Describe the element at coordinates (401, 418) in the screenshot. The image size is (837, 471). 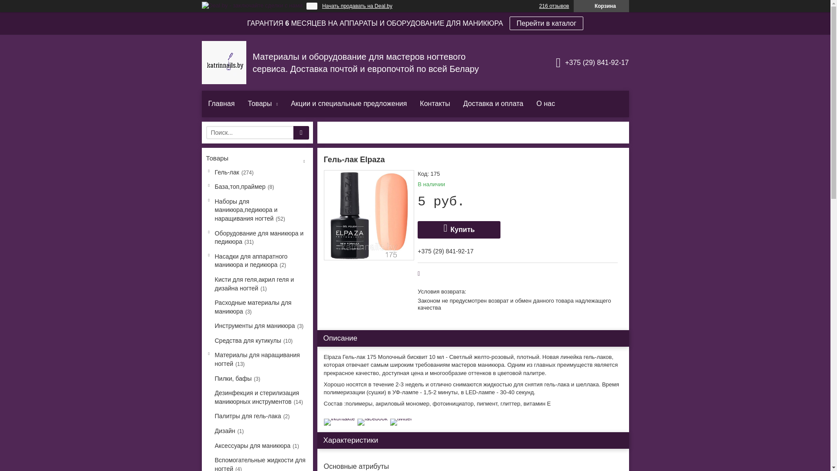
I see `'twitter'` at that location.